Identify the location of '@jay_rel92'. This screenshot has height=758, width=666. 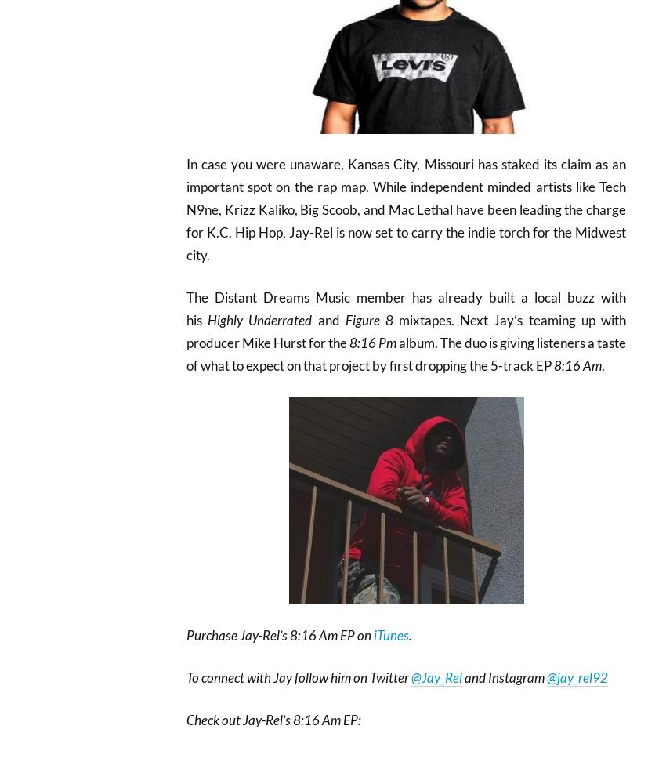
(577, 676).